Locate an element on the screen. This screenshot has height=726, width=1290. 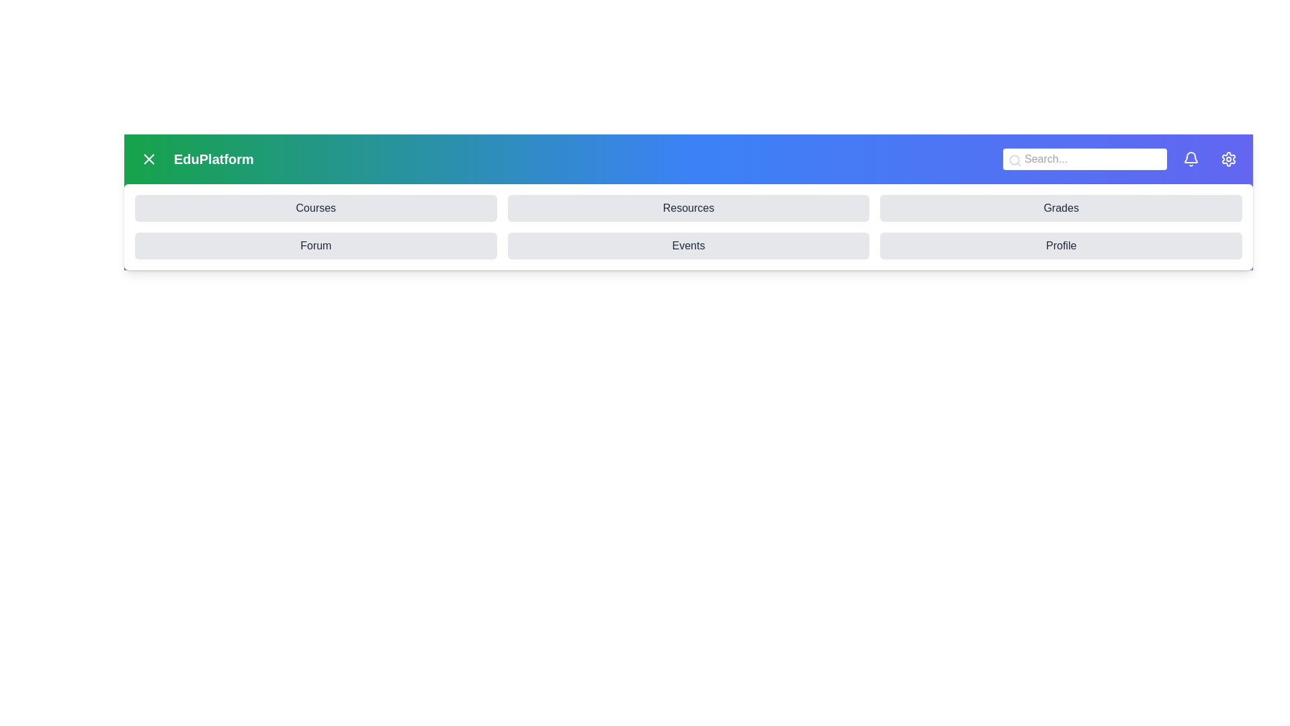
the menu item Grades from the navigation menu is located at coordinates (1060, 208).